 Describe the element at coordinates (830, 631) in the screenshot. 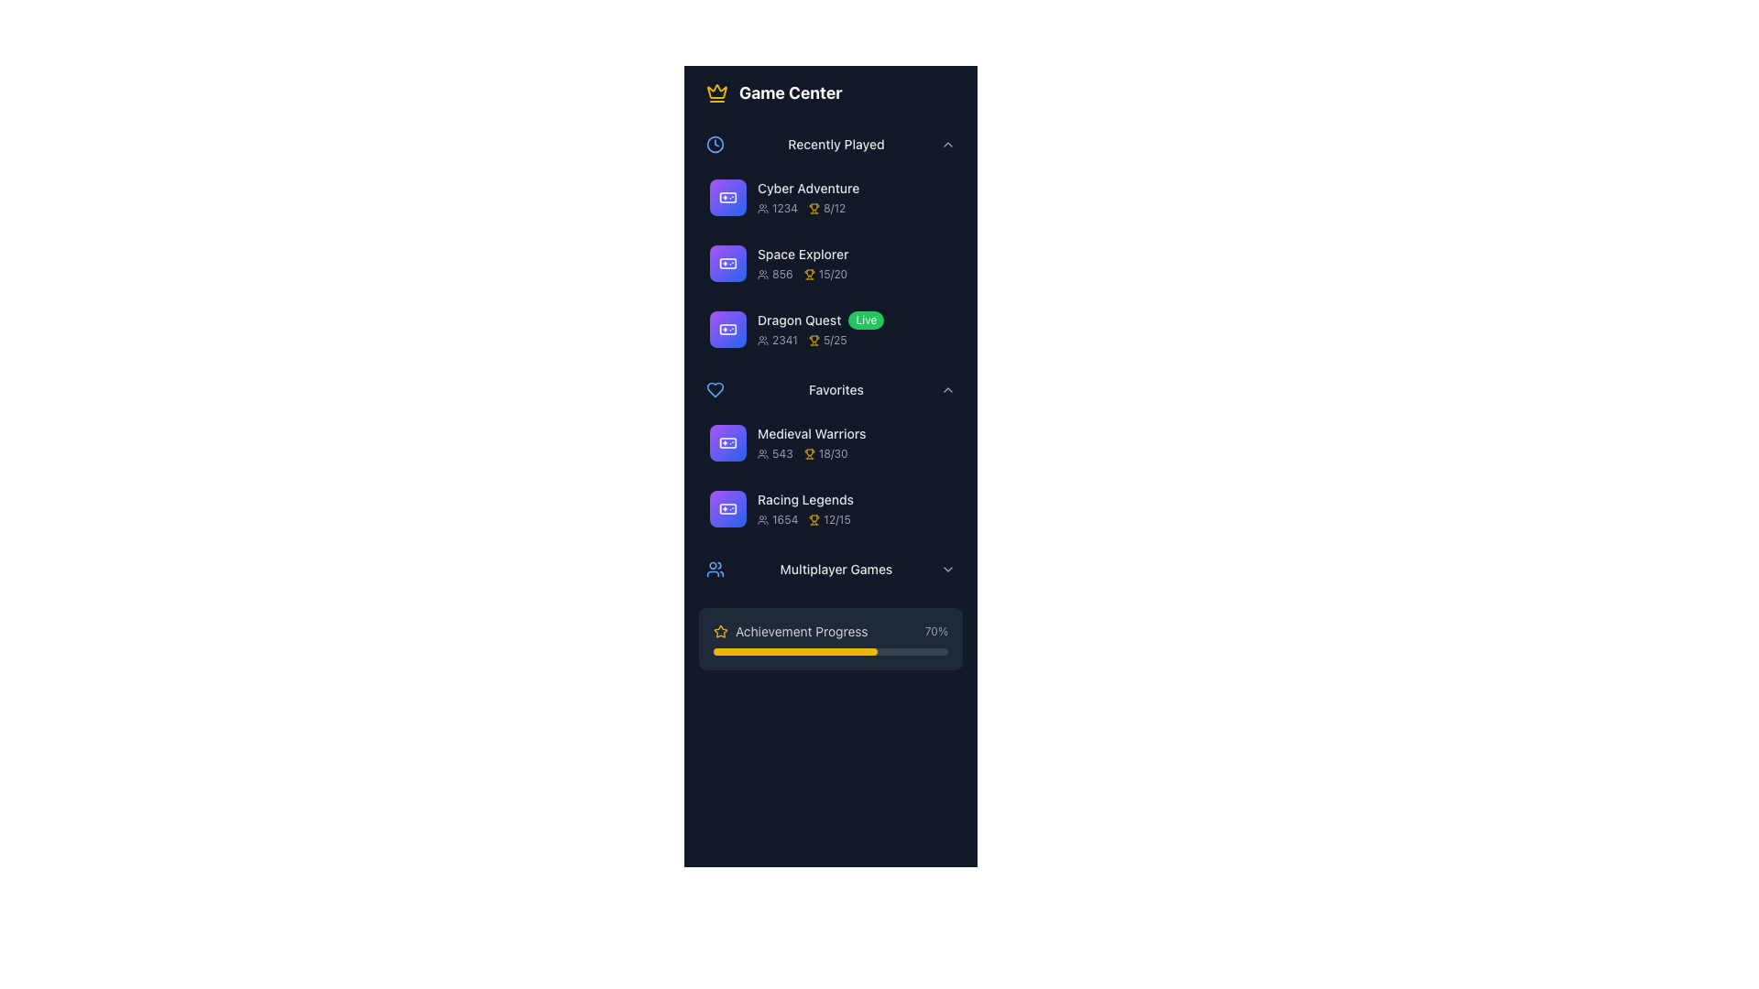

I see `the 'Achievement Progress' indicator, which features a yellow star icon and displays '70%' on the far right` at that location.